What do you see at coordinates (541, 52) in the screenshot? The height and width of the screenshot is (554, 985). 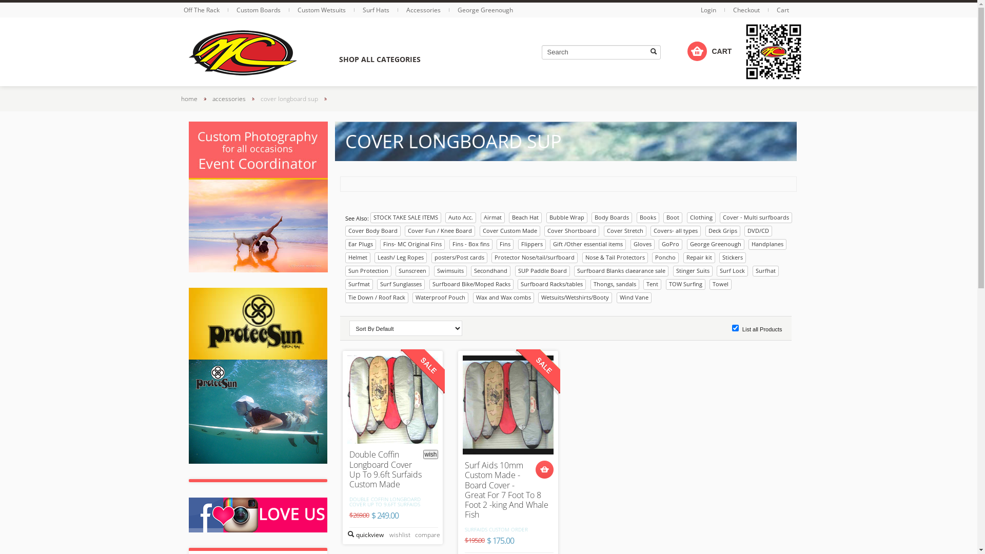 I see `'Search'` at bounding box center [541, 52].